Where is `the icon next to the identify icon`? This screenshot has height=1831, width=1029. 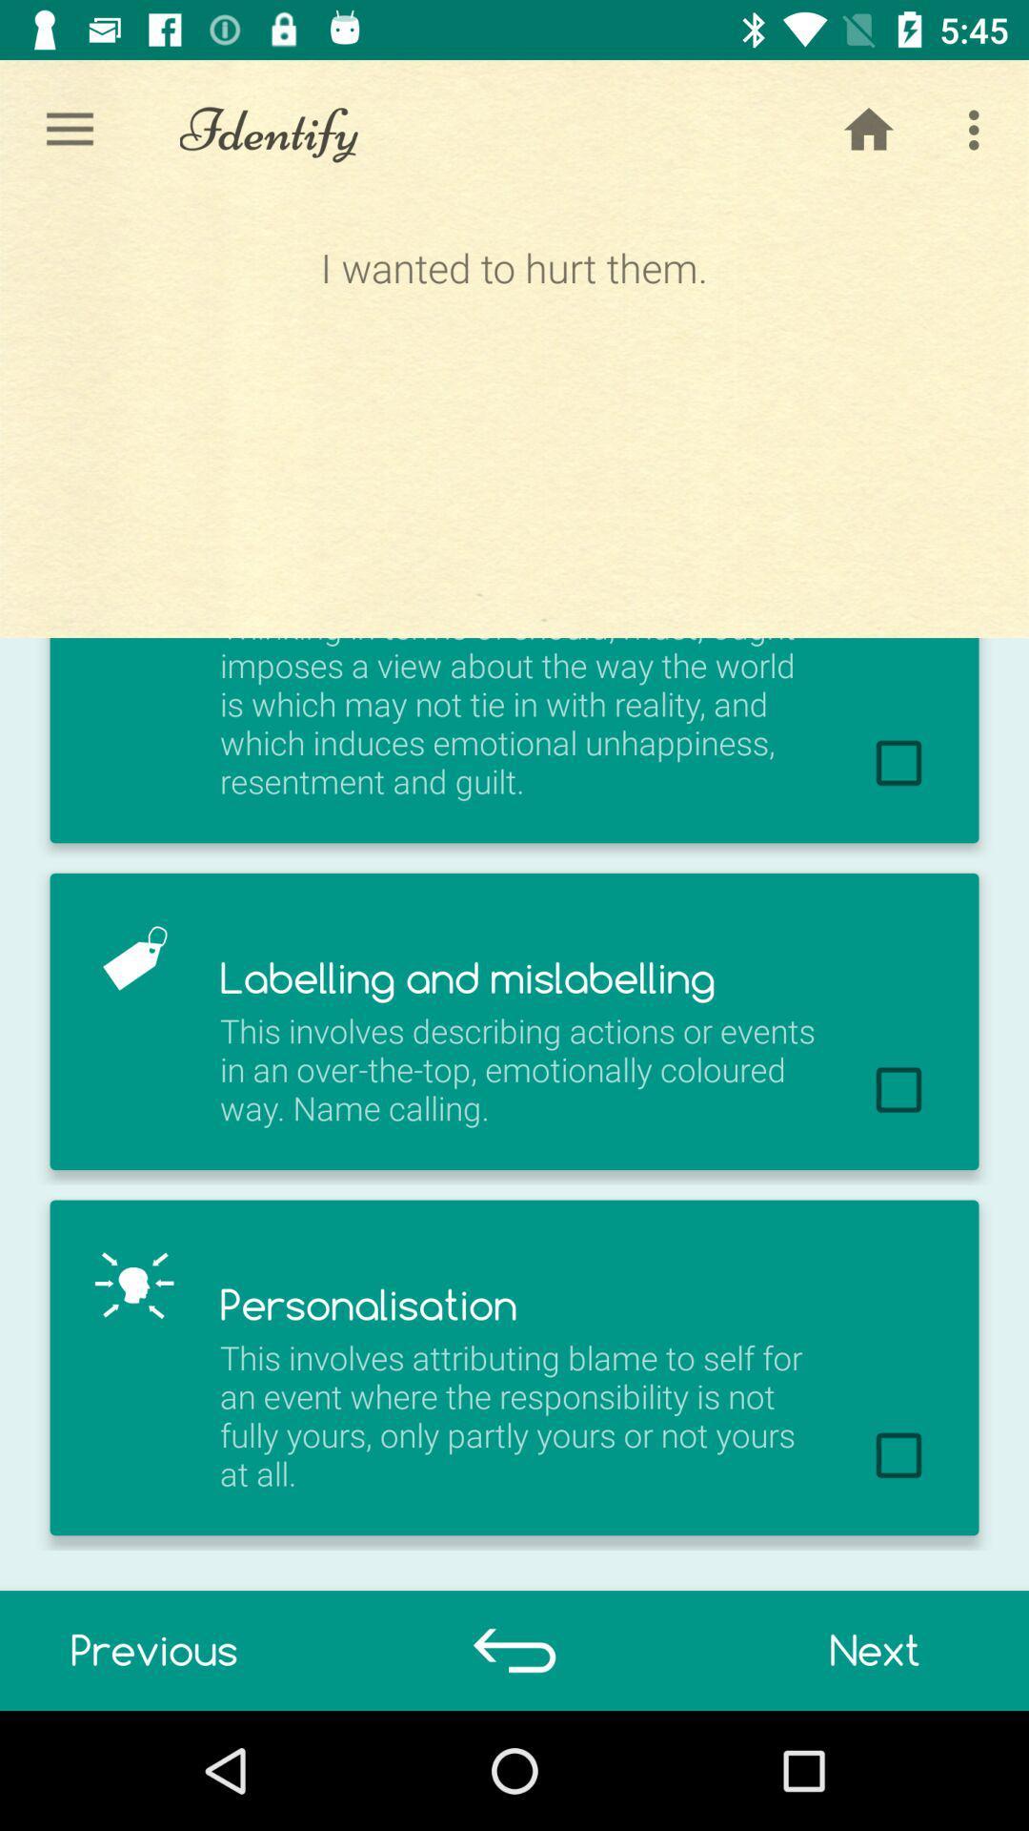
the icon next to the identify icon is located at coordinates (69, 129).